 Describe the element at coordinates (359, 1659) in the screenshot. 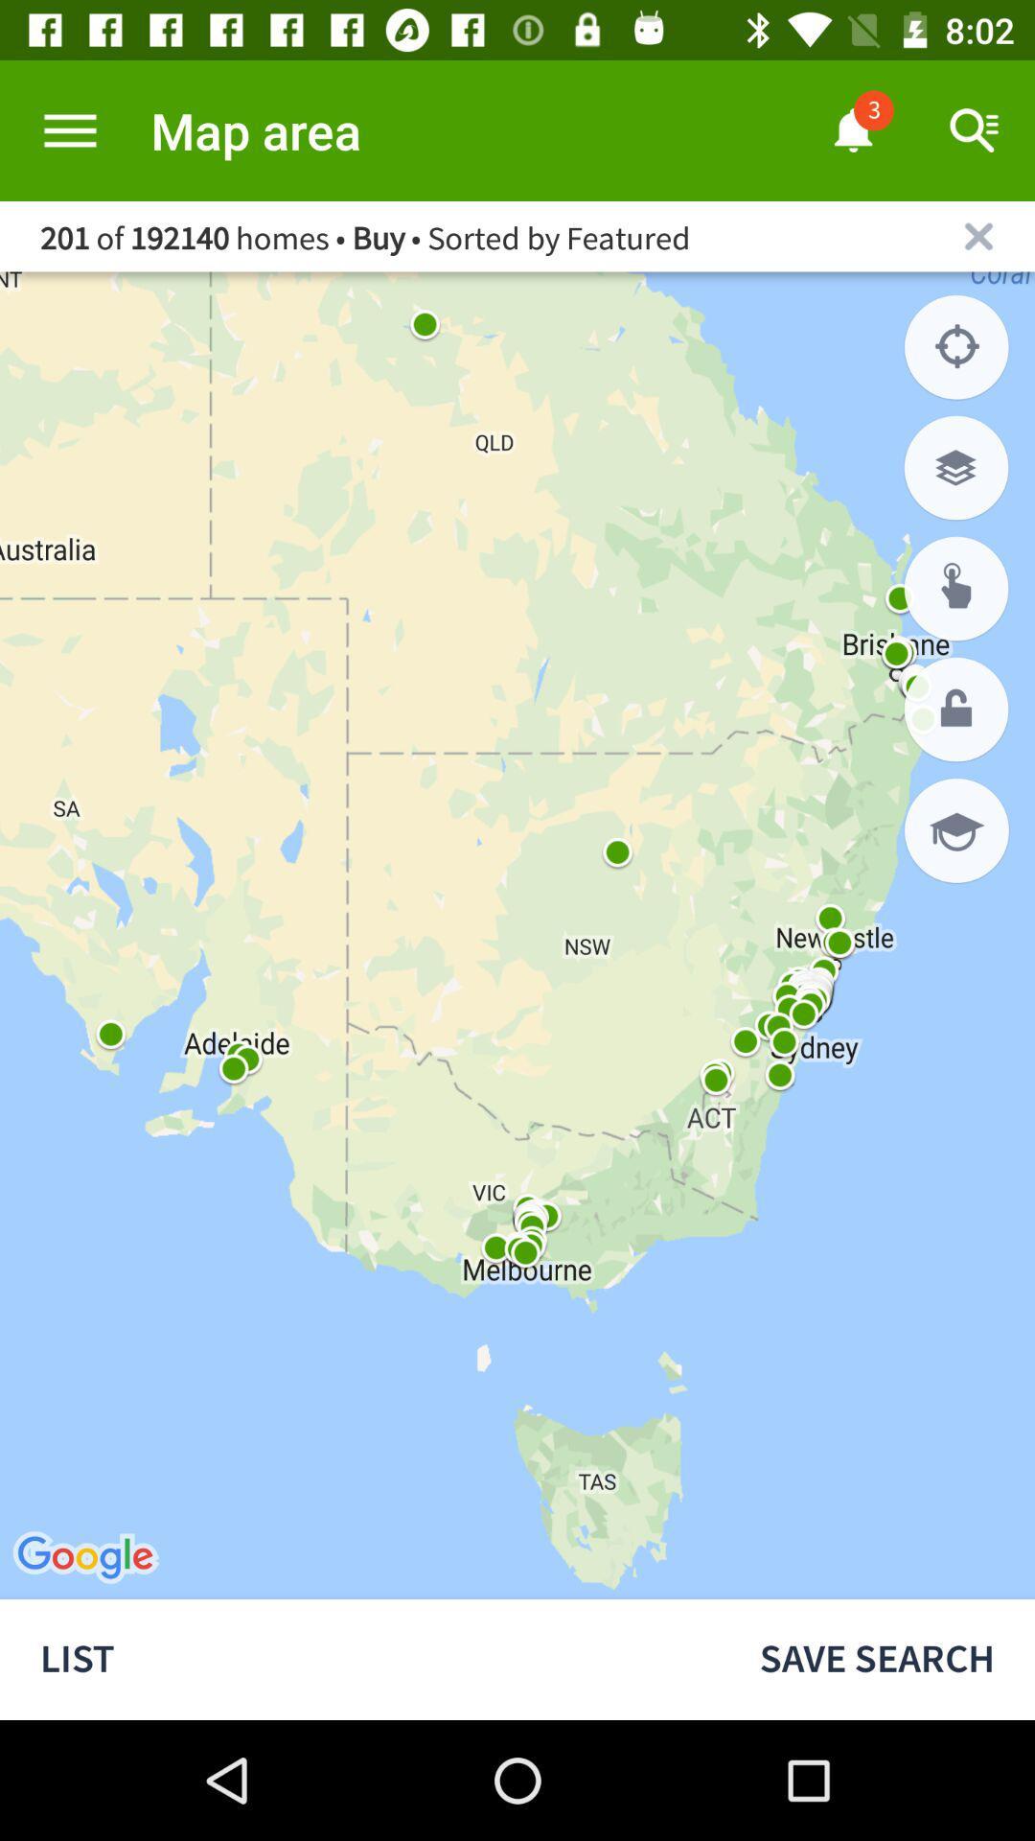

I see `the list icon` at that location.